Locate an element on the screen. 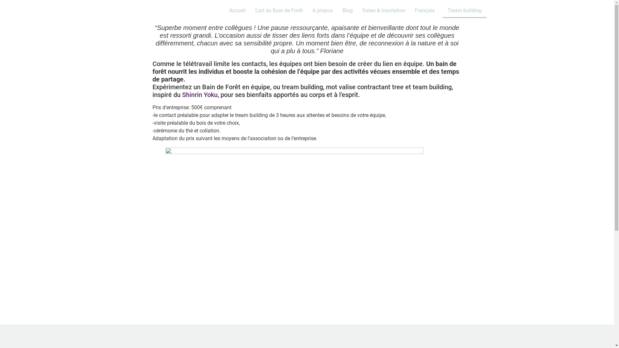 Image resolution: width=619 pixels, height=348 pixels. 'Tream building' is located at coordinates (464, 11).